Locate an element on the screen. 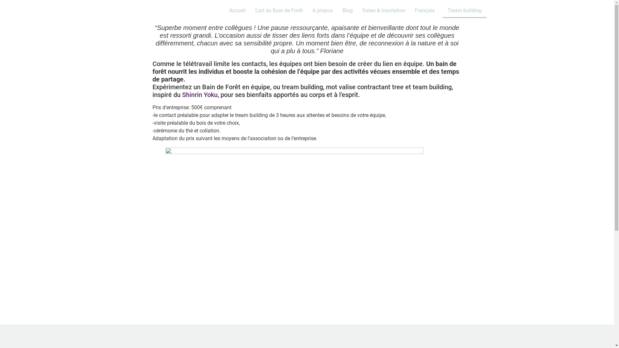 Image resolution: width=619 pixels, height=348 pixels. 'Tream building' is located at coordinates (464, 11).